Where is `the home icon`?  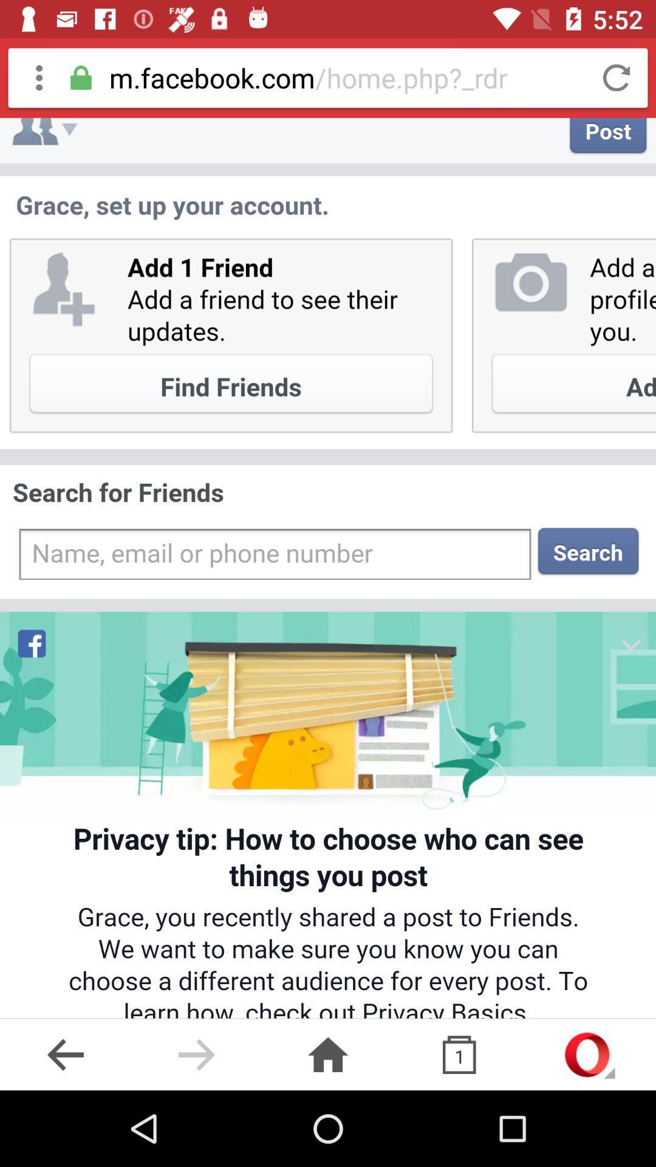 the home icon is located at coordinates (328, 1054).